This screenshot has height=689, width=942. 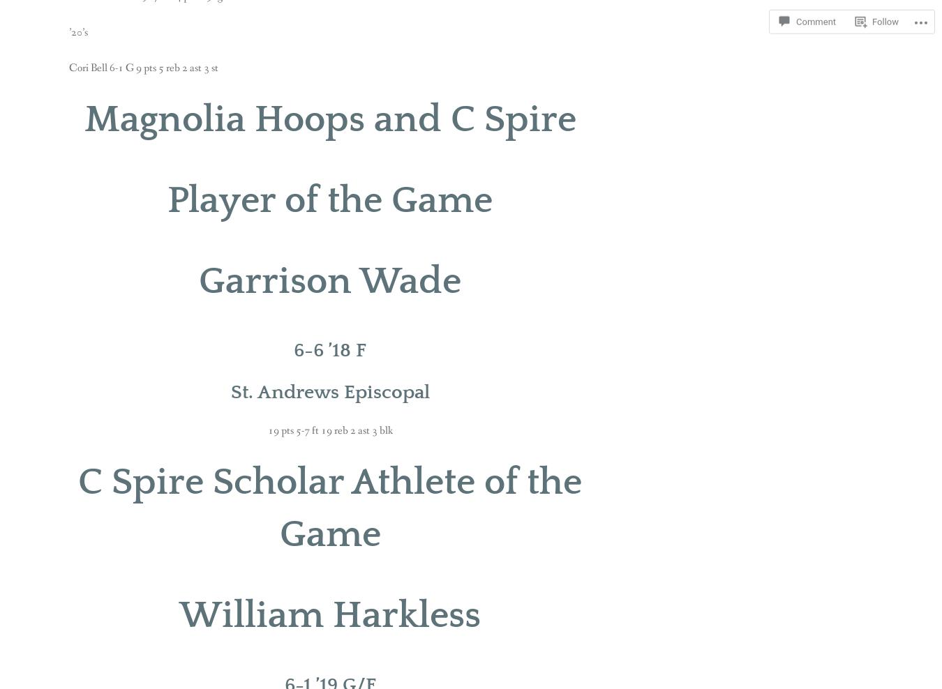 I want to click on 'Cori Bell 6-1 G 9 pts 5 reb 2 ast 3 st', so click(x=144, y=67).